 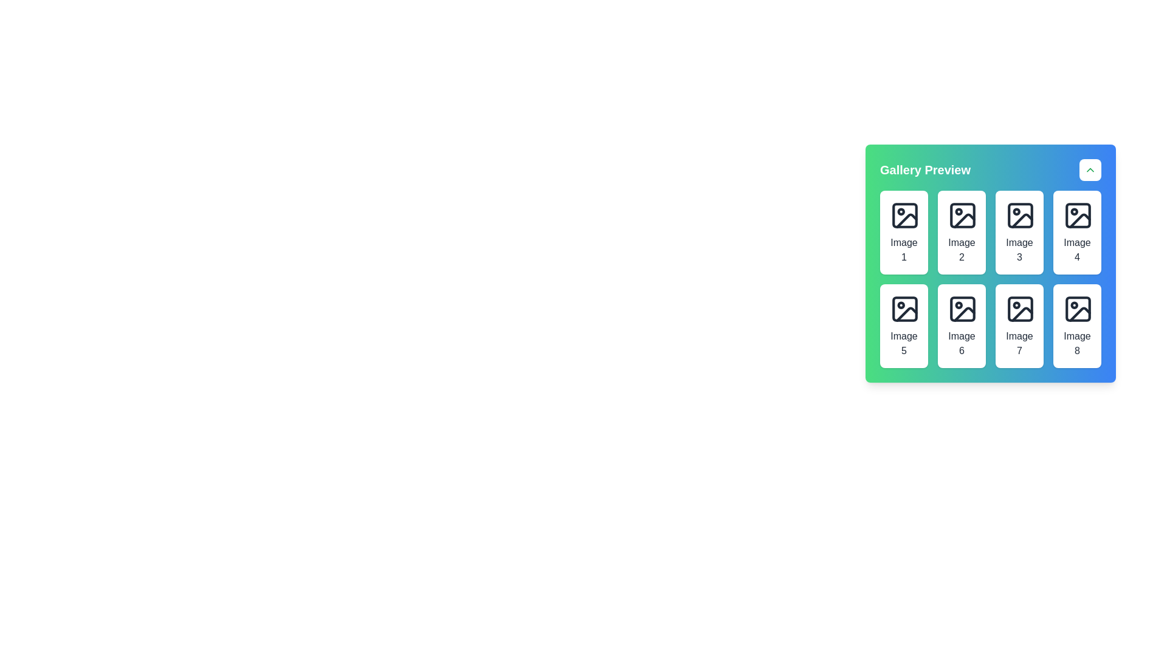 I want to click on the Gallery item labeled 'Image 3' which is the third element in the first row of a 4x2 grid layout, so click(x=1019, y=232).